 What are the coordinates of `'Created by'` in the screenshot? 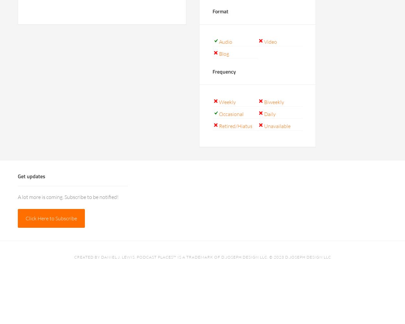 It's located at (87, 257).